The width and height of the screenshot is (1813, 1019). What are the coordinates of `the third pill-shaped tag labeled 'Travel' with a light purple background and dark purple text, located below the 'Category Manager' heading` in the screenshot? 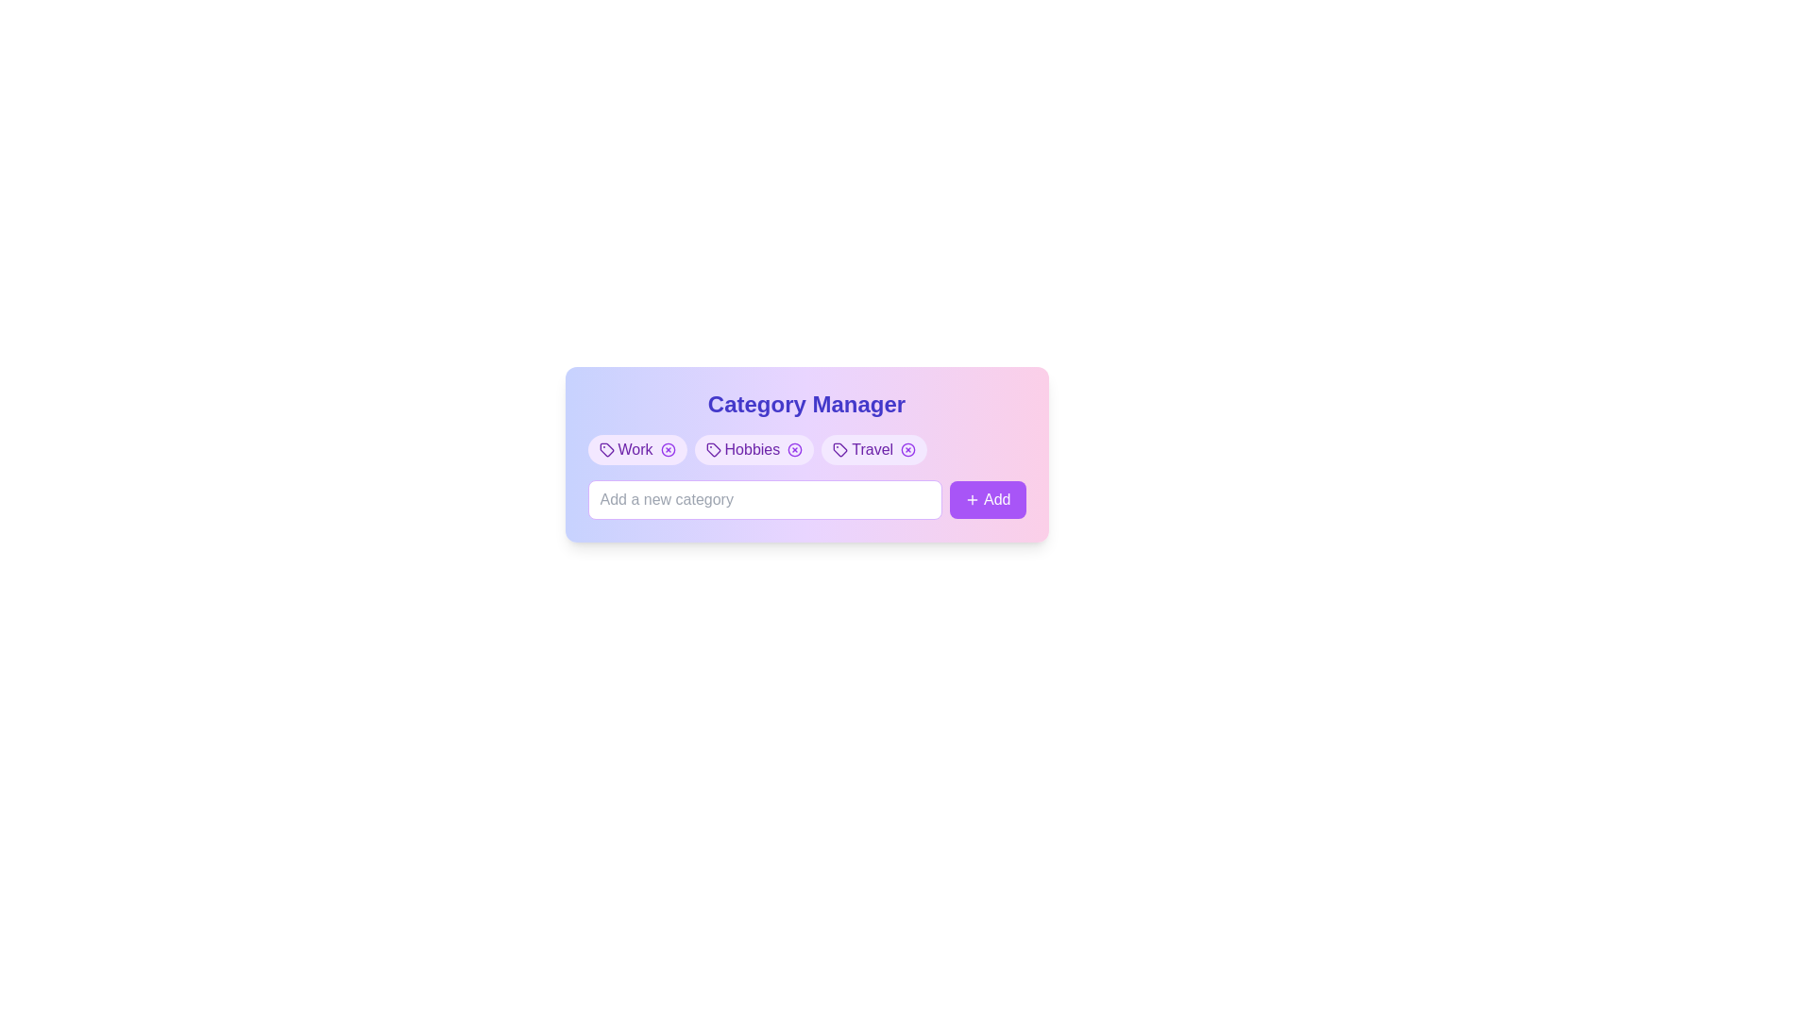 It's located at (873, 450).